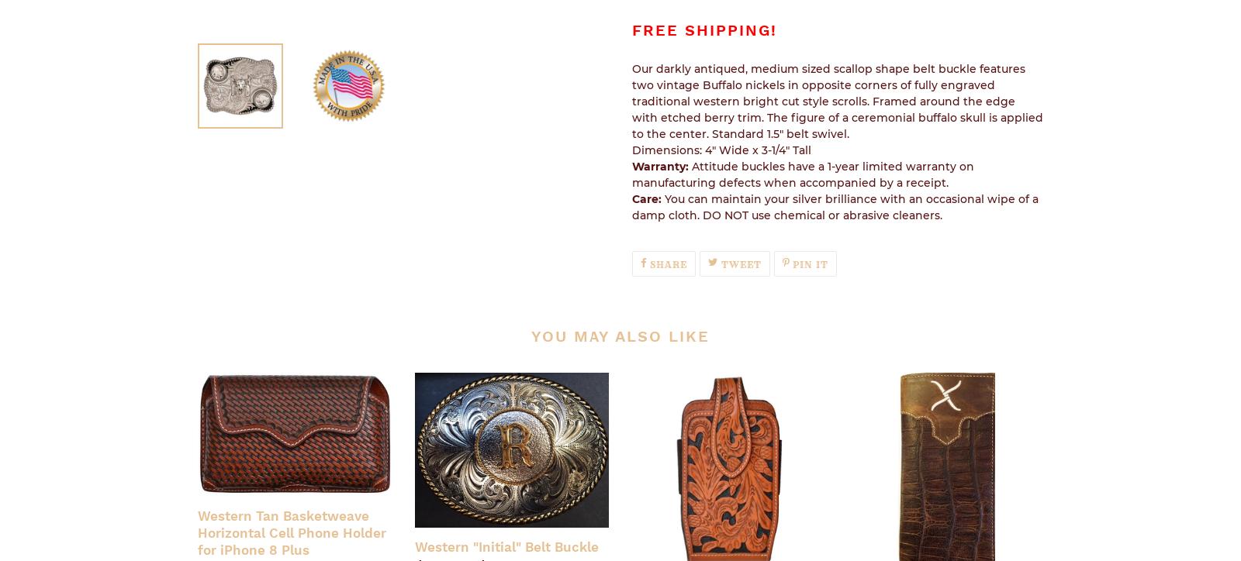 This screenshot has height=561, width=1241. I want to click on 'Warranty:', so click(659, 166).